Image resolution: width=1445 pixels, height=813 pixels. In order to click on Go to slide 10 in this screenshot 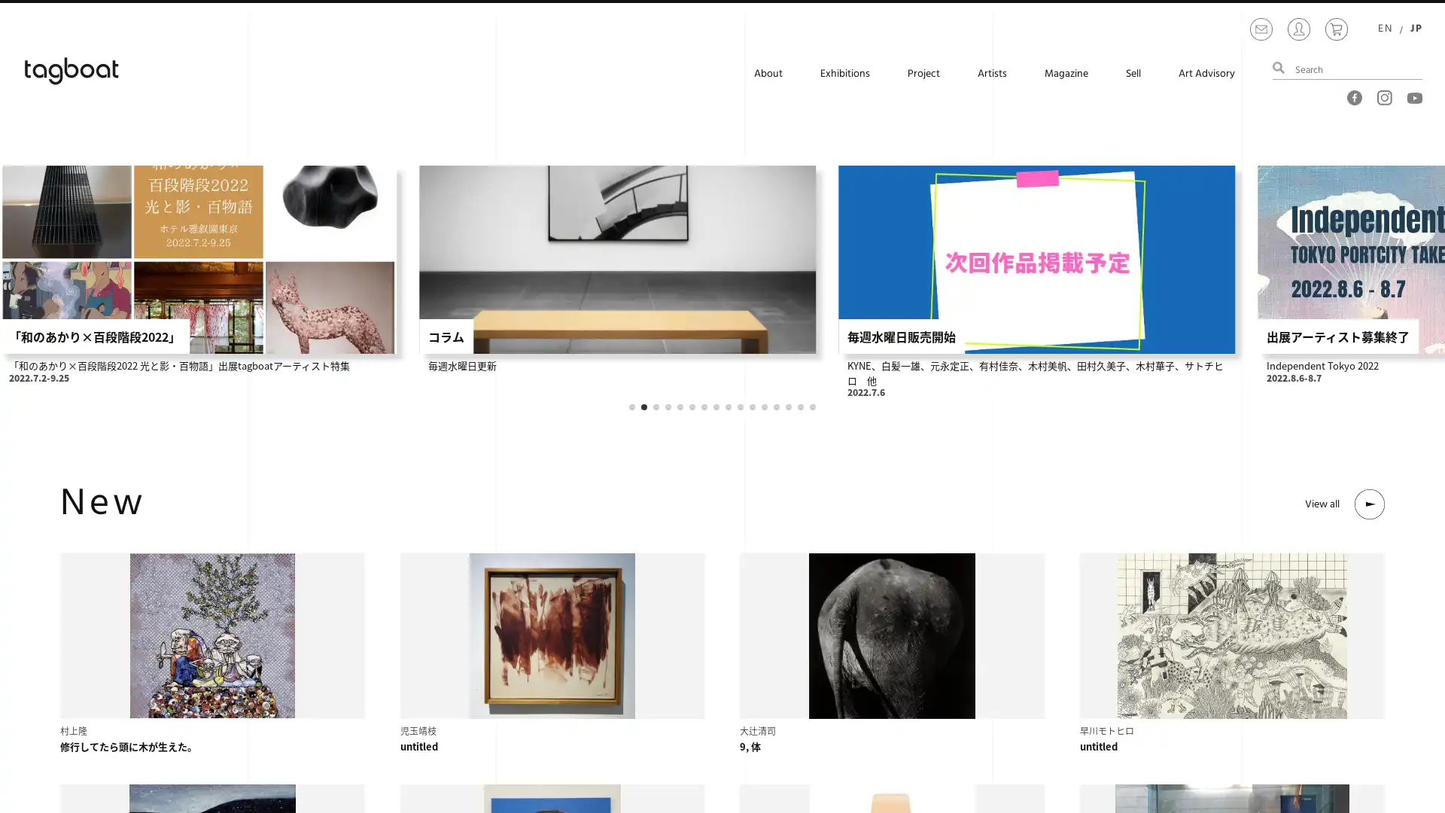, I will do `click(740, 406)`.